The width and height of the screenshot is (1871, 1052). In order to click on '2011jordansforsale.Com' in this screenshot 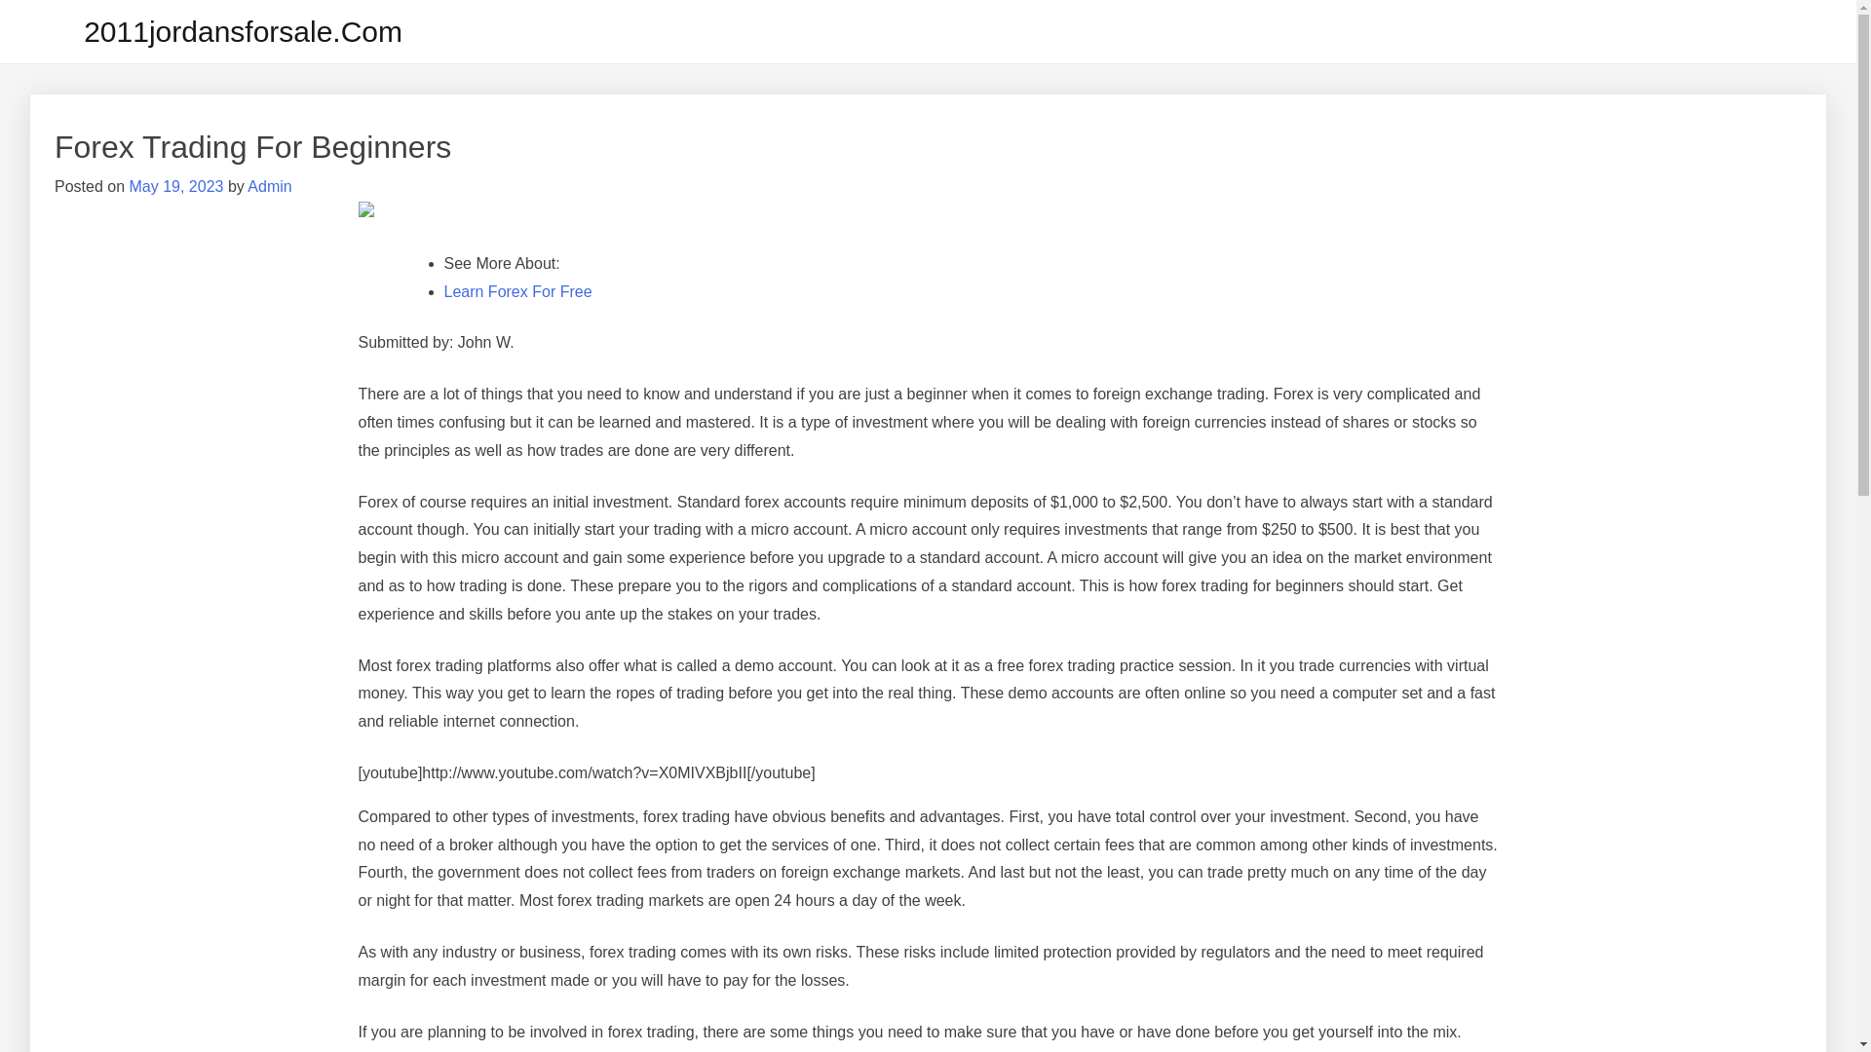, I will do `click(242, 31)`.